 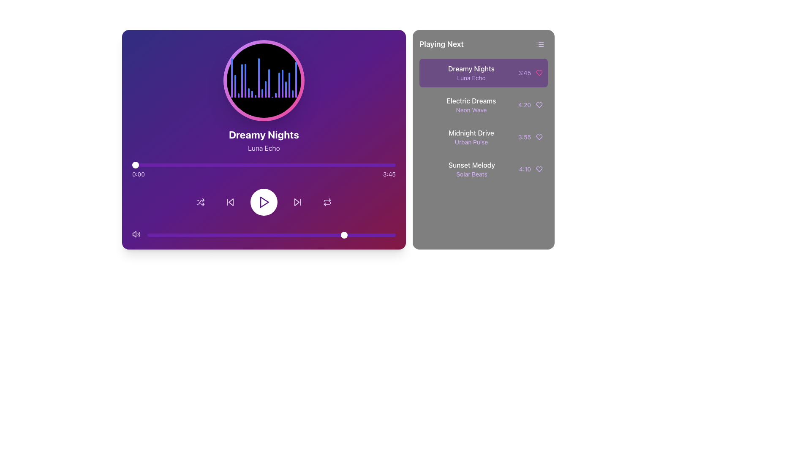 I want to click on slider value, so click(x=150, y=235).